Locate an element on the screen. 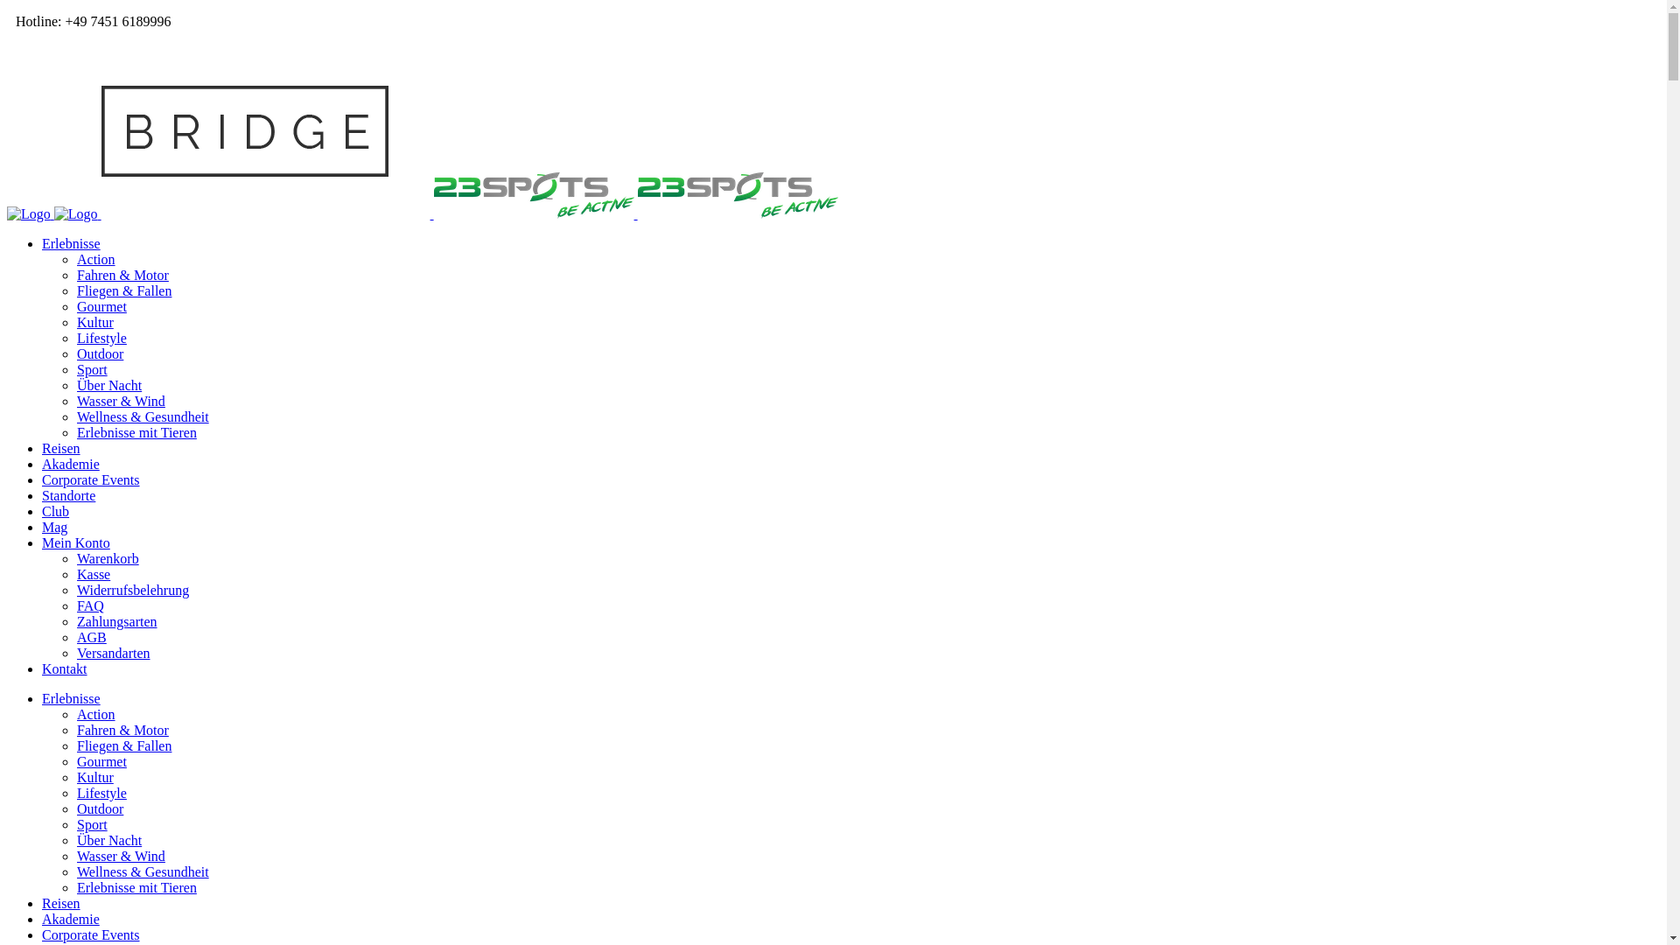  'Erlebnisse mit Tieren' is located at coordinates (136, 887).